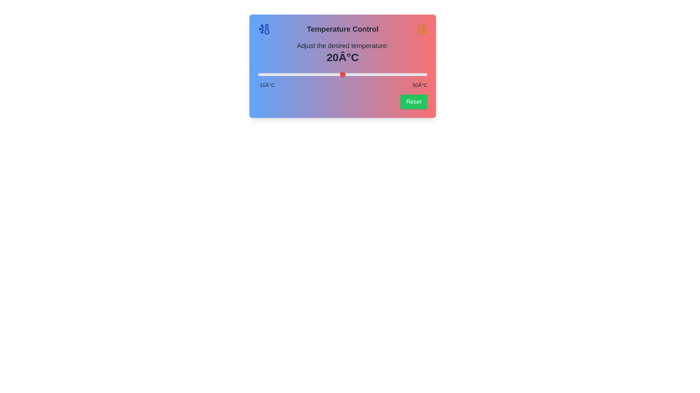  What do you see at coordinates (396, 74) in the screenshot?
I see `the slider to set the temperature to 39°C` at bounding box center [396, 74].